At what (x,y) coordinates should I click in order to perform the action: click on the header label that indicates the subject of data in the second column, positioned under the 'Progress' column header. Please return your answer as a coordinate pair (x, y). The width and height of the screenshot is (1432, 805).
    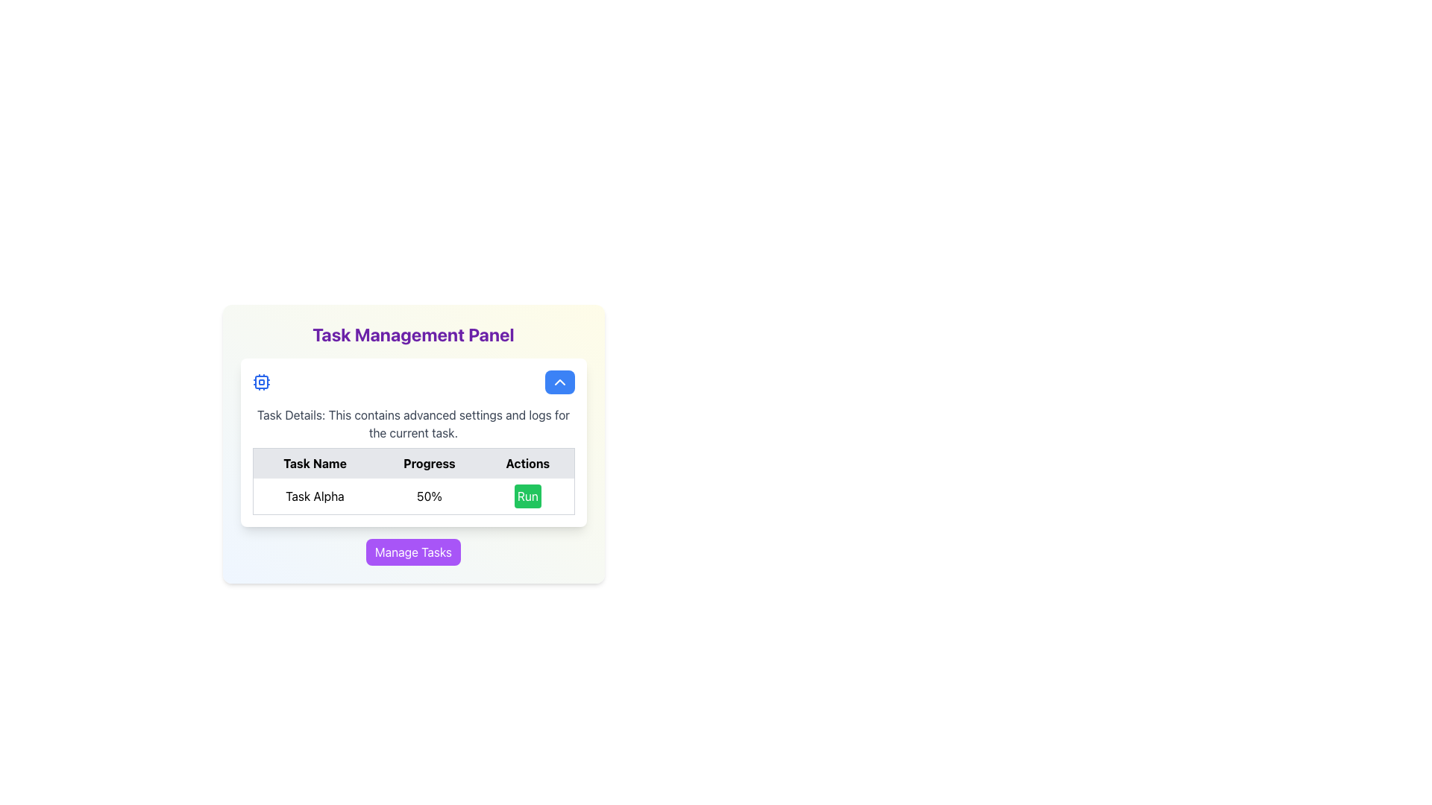
    Looking at the image, I should click on (428, 462).